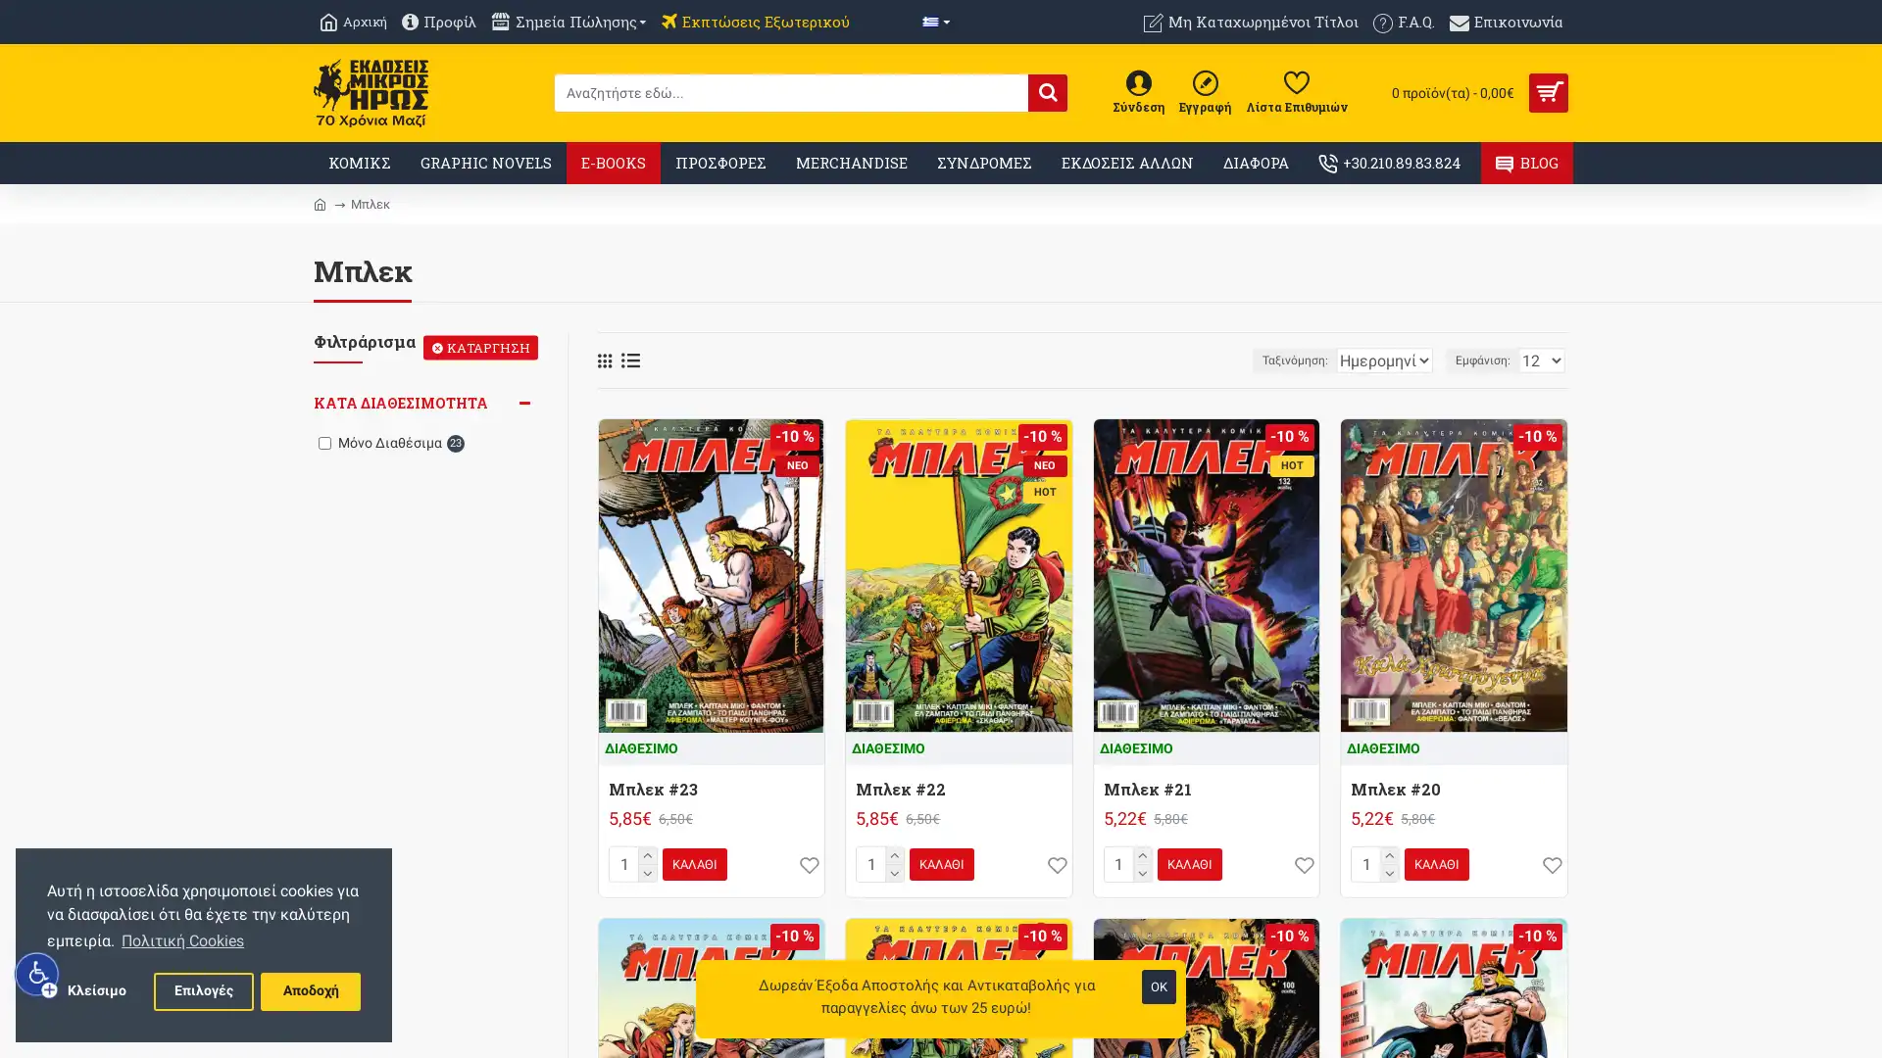 This screenshot has width=1882, height=1058. What do you see at coordinates (37, 974) in the screenshot?
I see `Accessibility Menu` at bounding box center [37, 974].